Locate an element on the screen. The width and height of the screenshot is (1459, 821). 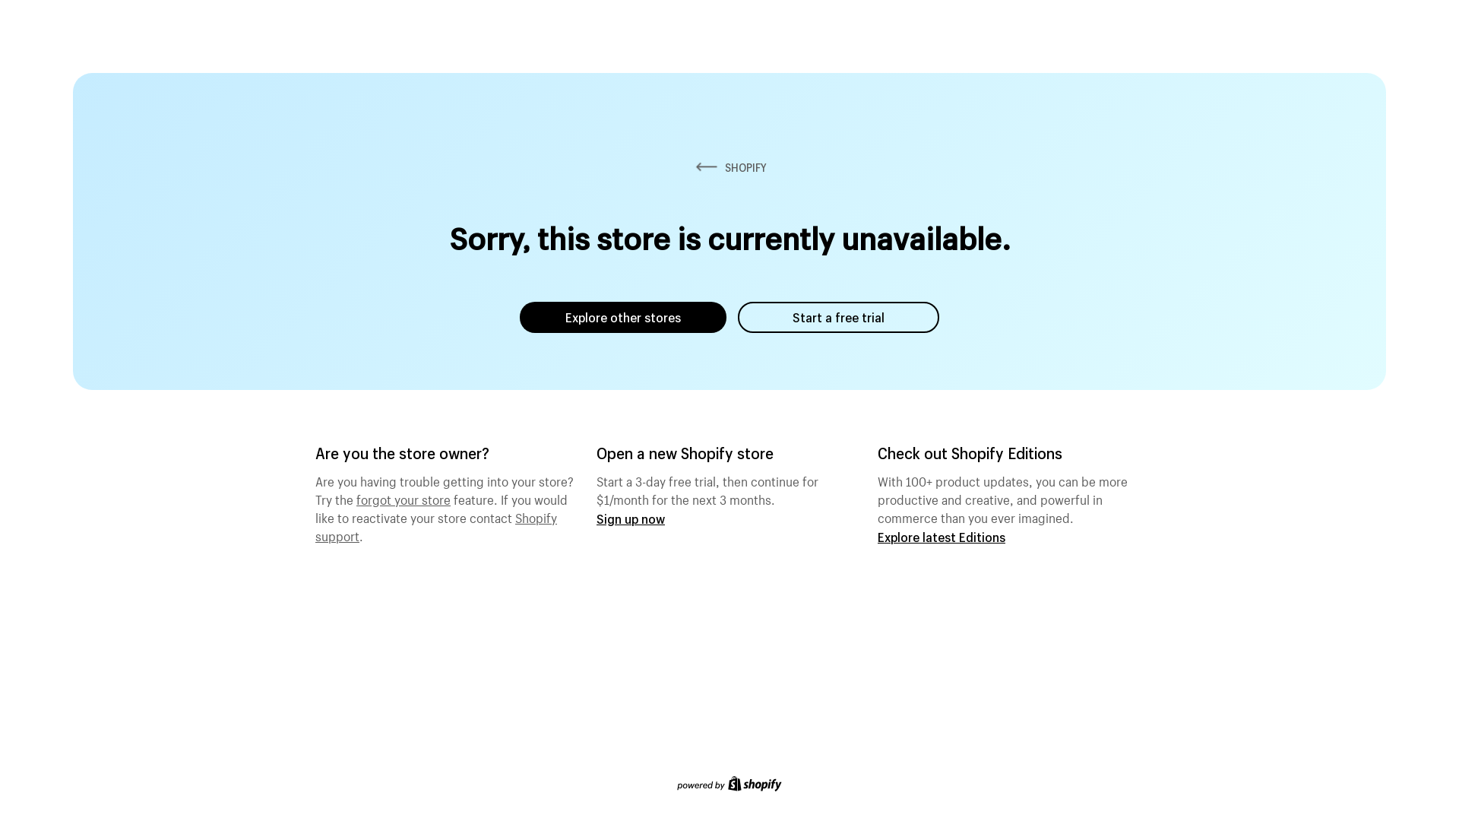
'Explore latest Editions' is located at coordinates (940, 536).